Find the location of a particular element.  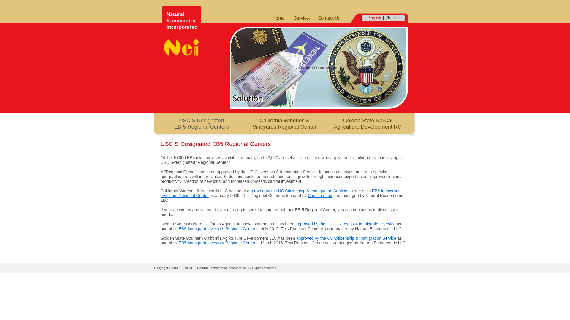

'approved by the US Citizenship & Immigration Service' is located at coordinates (346, 238).